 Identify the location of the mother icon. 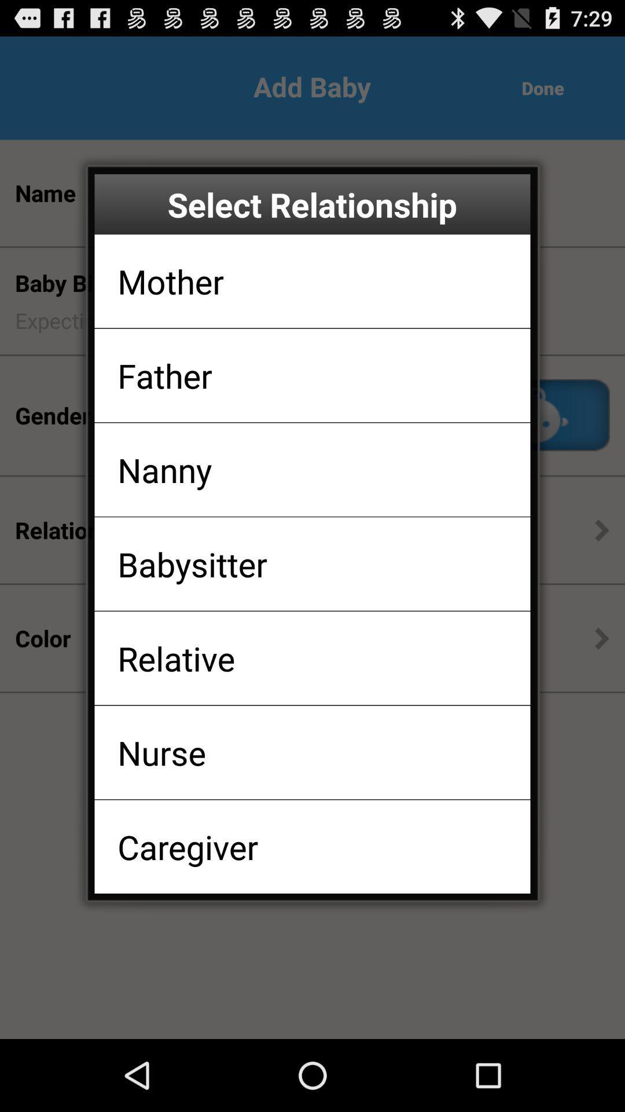
(171, 281).